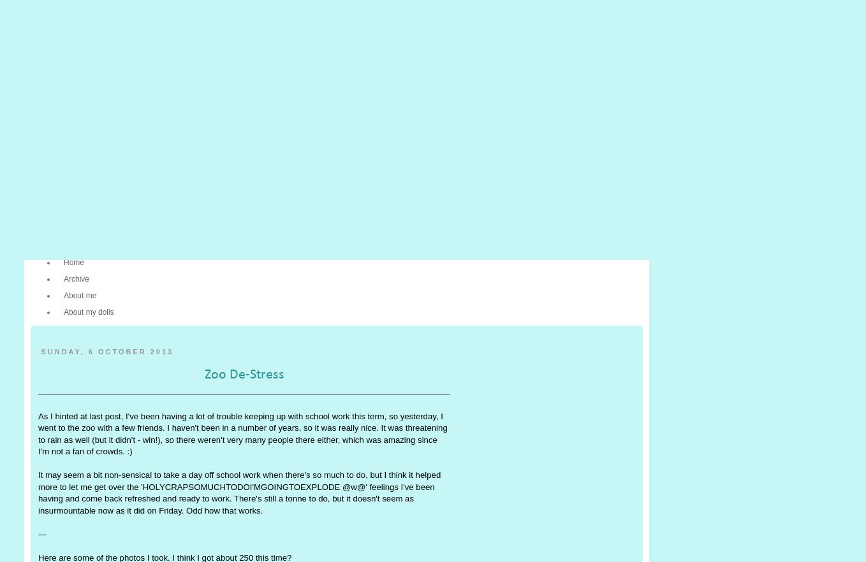 This screenshot has height=562, width=866. Describe the element at coordinates (325, 225) in the screenshot. I see `'Trade List'` at that location.